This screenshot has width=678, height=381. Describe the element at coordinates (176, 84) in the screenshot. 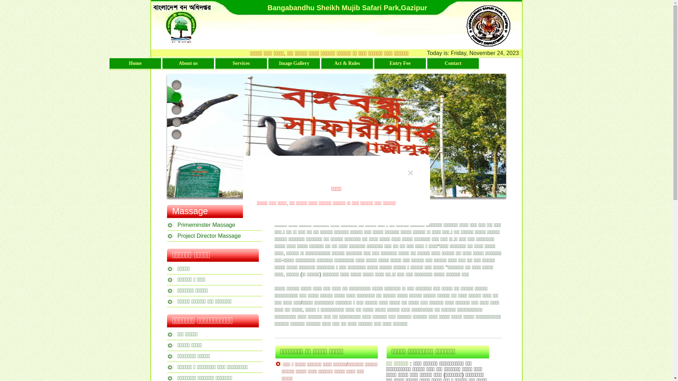

I see `'1'` at that location.